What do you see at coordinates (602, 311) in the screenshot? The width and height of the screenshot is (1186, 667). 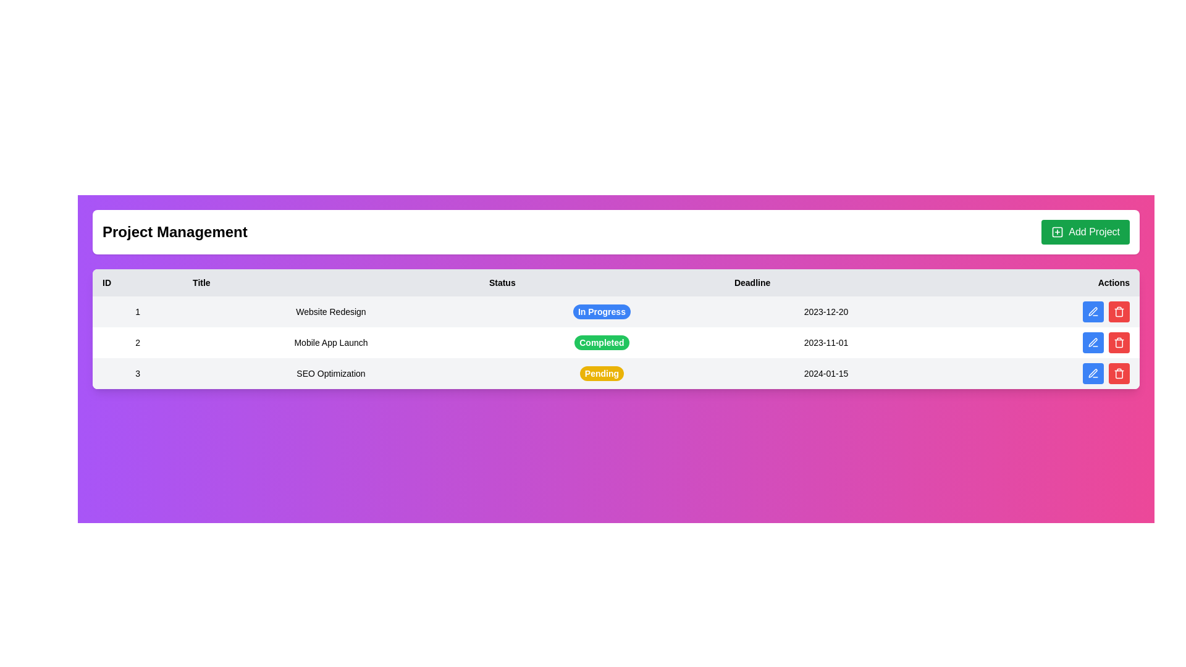 I see `the 'In Progress' status label, which is a blue rounded rectangle displaying the text in white, located in the third column of the first row under the 'Status' header for the 'Website Redesign' project` at bounding box center [602, 311].